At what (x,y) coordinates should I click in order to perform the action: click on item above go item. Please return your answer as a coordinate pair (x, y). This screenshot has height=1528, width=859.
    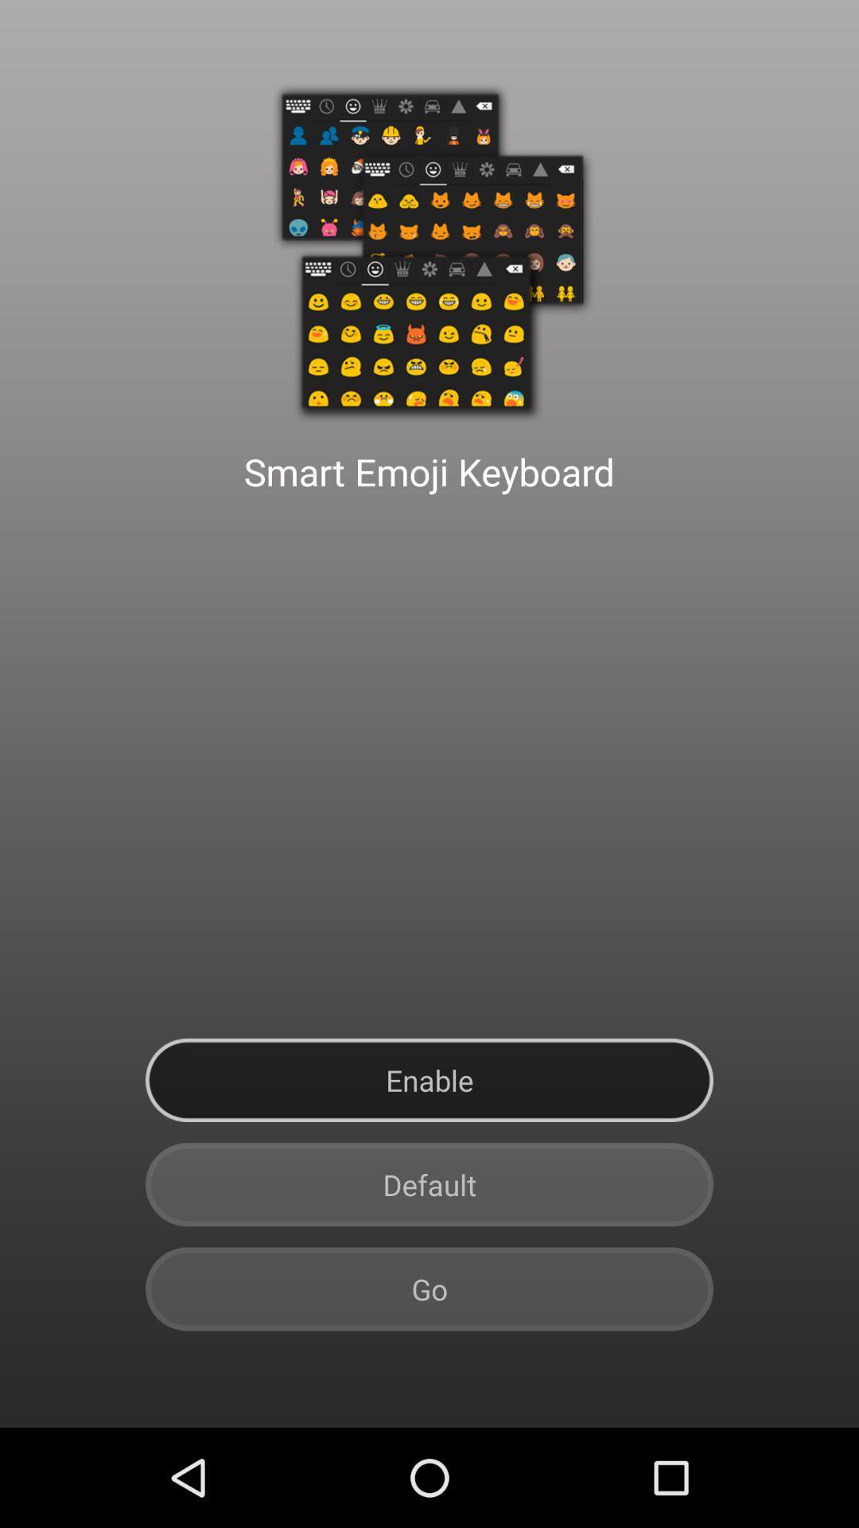
    Looking at the image, I should click on (429, 1184).